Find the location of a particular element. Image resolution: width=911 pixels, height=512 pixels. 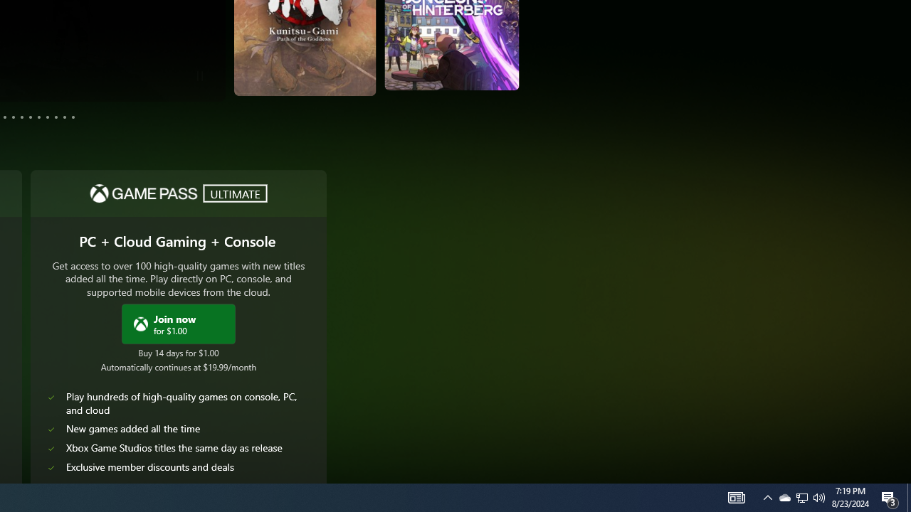

'Page 6' is located at coordinates (22, 116).